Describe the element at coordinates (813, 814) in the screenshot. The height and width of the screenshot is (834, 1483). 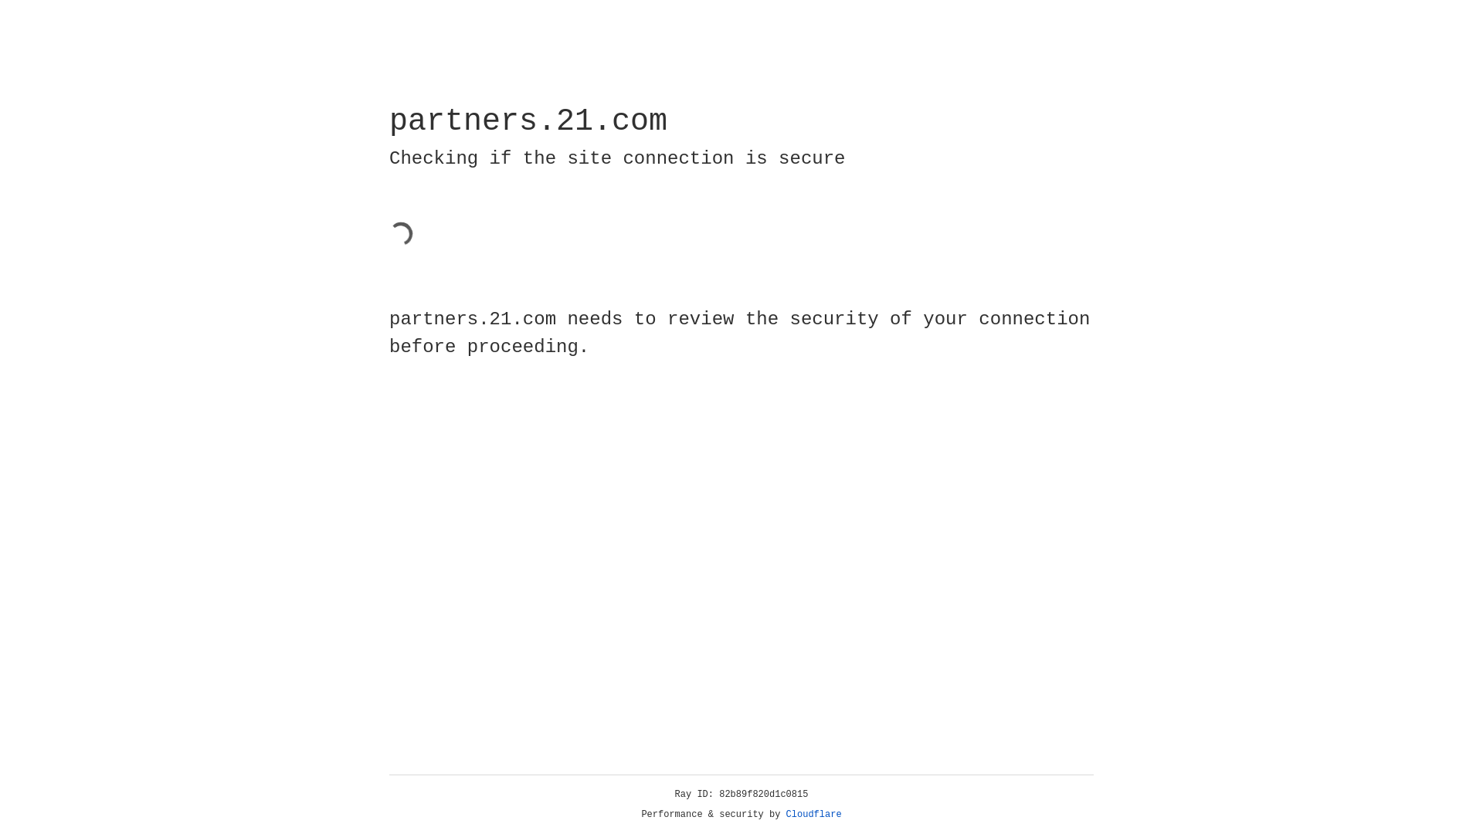
I see `'Cloudflare'` at that location.